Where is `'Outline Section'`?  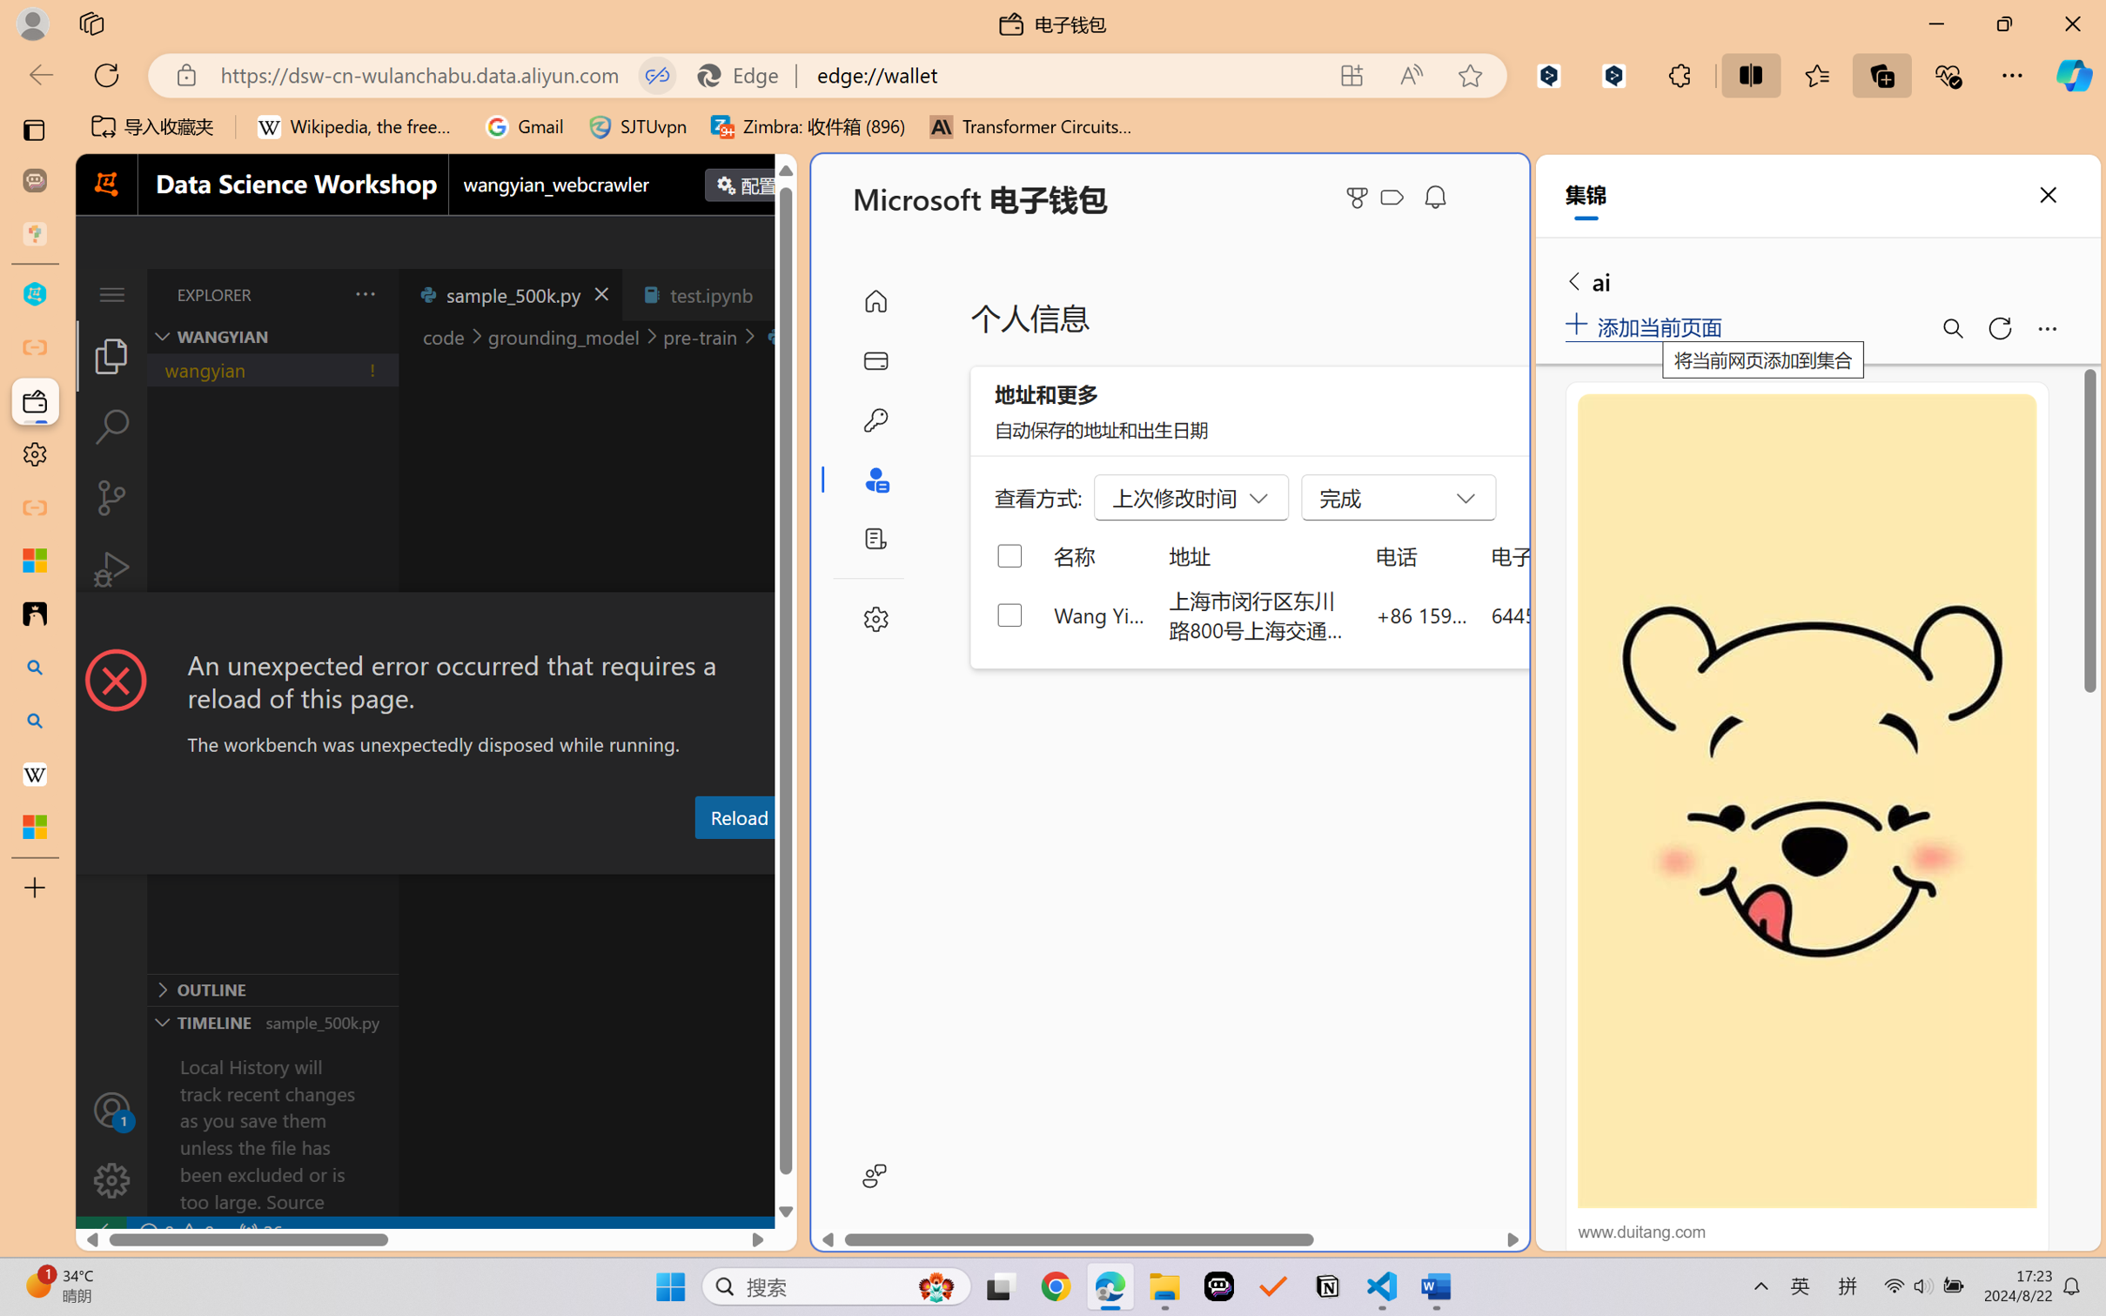 'Outline Section' is located at coordinates (272, 988).